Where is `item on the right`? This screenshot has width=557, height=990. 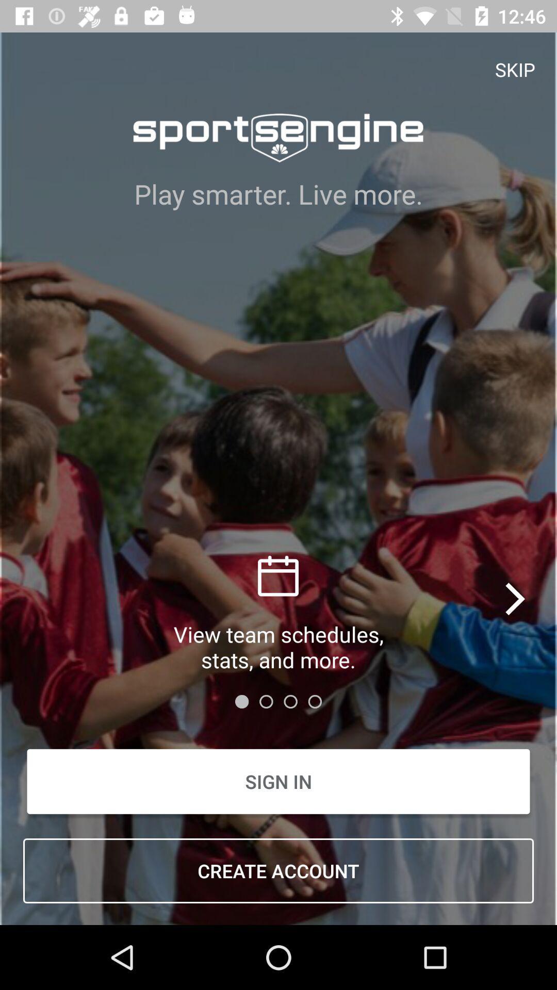 item on the right is located at coordinates (516, 599).